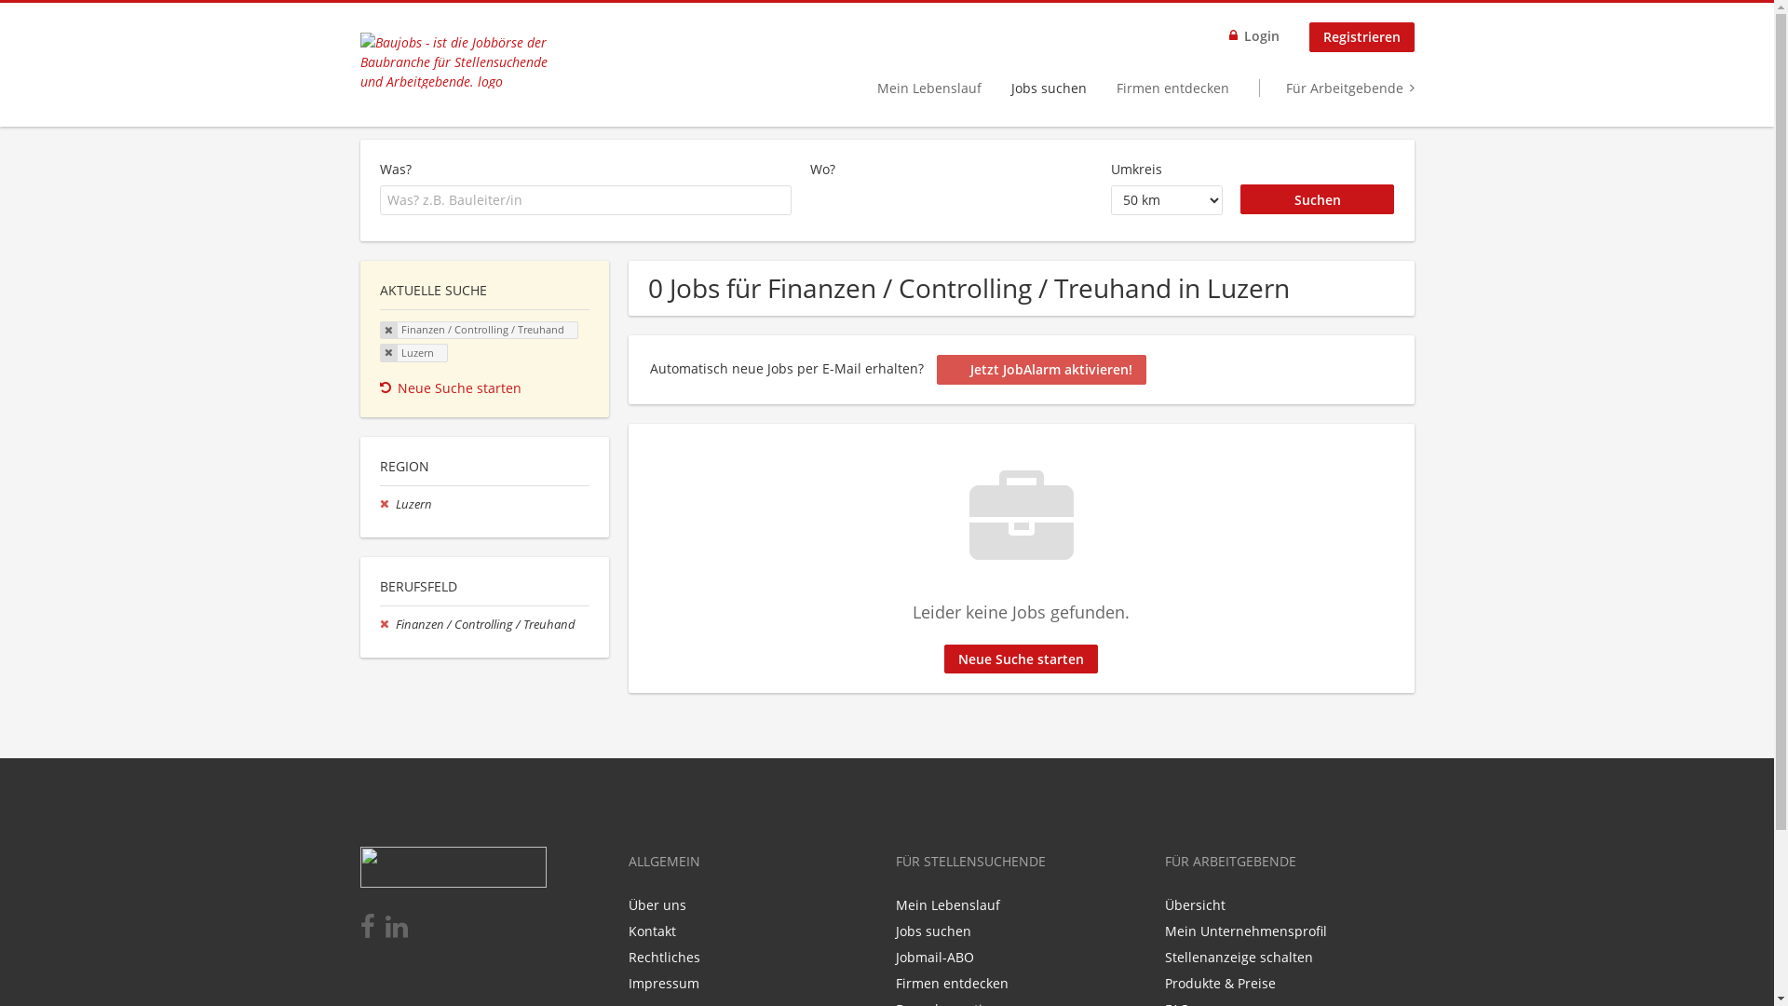 This screenshot has height=1006, width=1788. I want to click on 'Login', so click(1254, 36).